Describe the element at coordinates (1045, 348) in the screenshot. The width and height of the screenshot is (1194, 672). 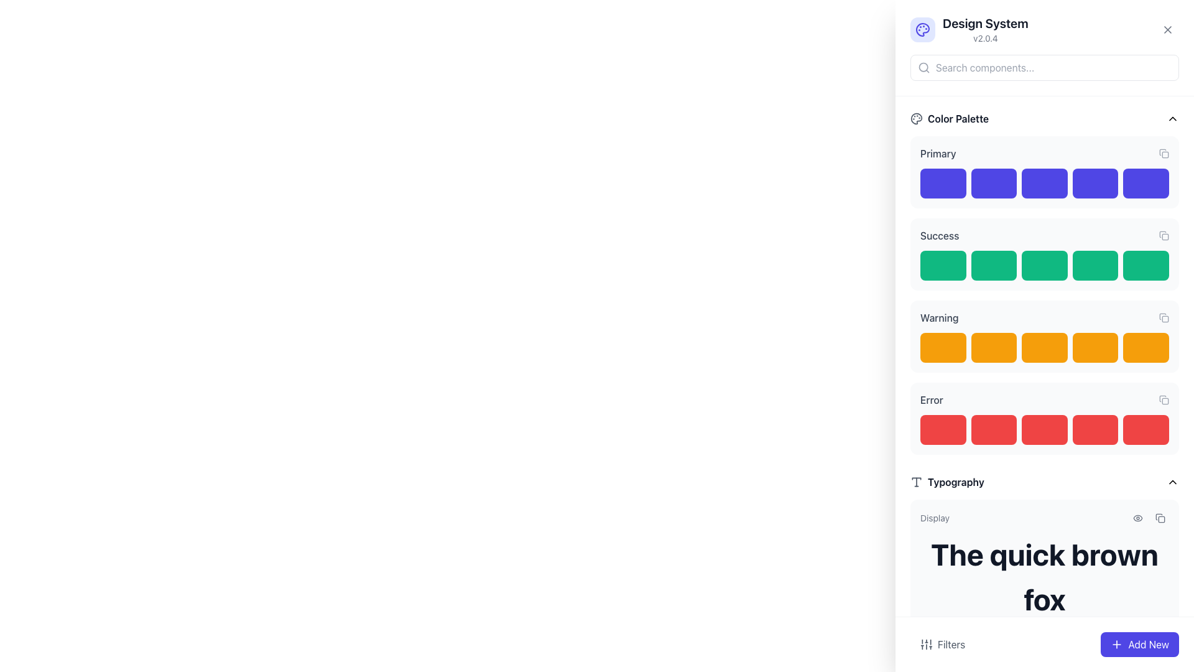
I see `the third orange color swatch` at that location.